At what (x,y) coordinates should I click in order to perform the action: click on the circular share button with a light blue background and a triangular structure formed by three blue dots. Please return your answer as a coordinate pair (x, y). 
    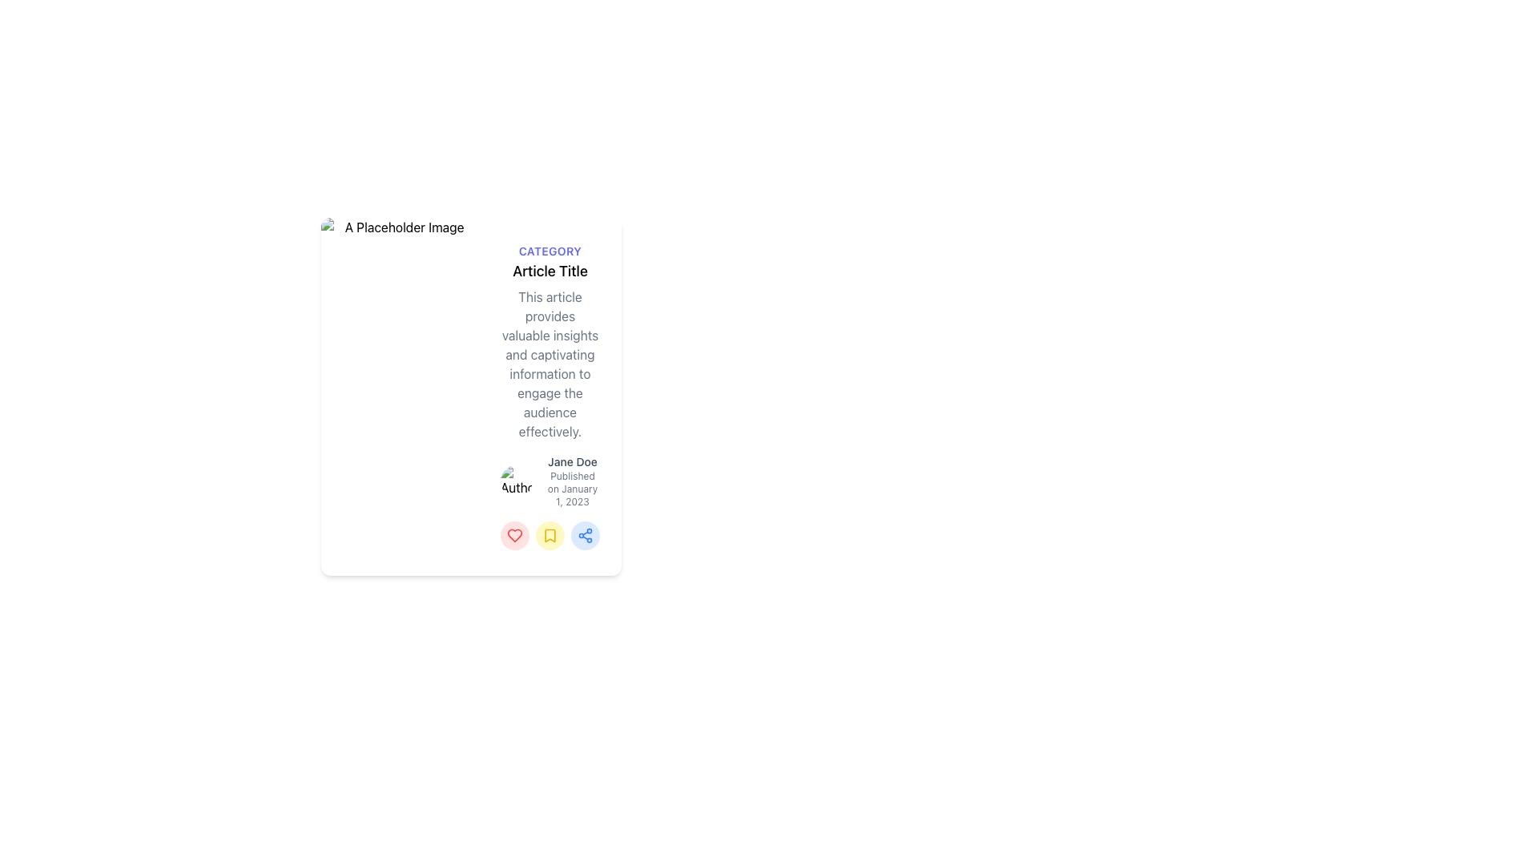
    Looking at the image, I should click on (584, 535).